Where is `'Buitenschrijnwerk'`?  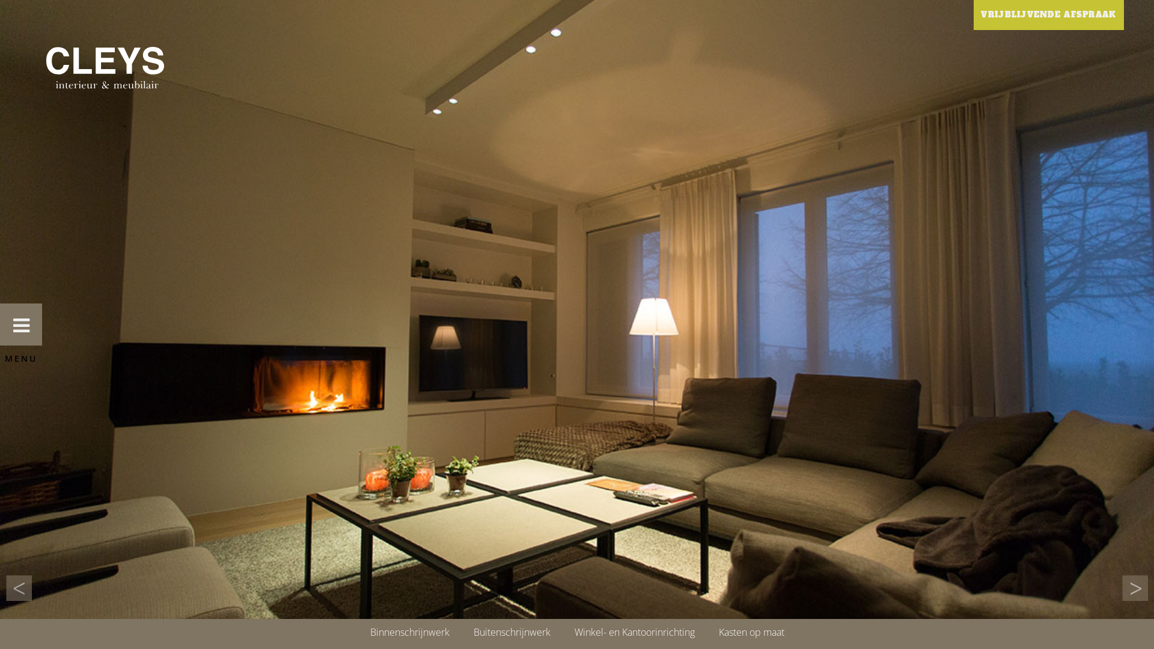 'Buitenschrijnwerk' is located at coordinates (461, 632).